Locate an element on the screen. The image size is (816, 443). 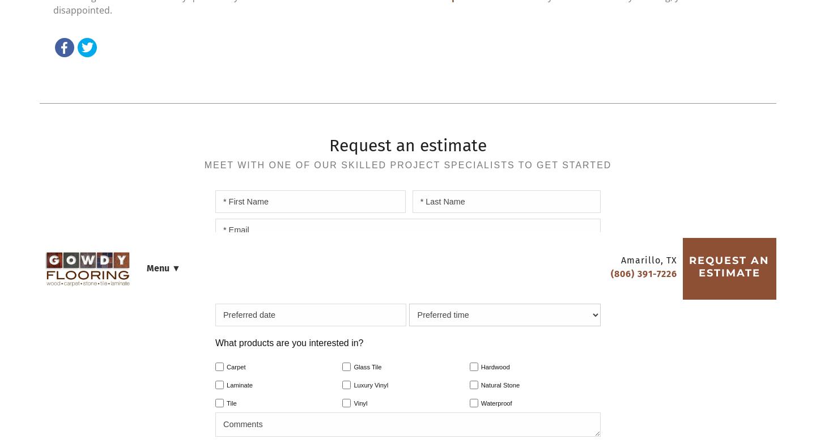
'Company' is located at coordinates (331, 44).